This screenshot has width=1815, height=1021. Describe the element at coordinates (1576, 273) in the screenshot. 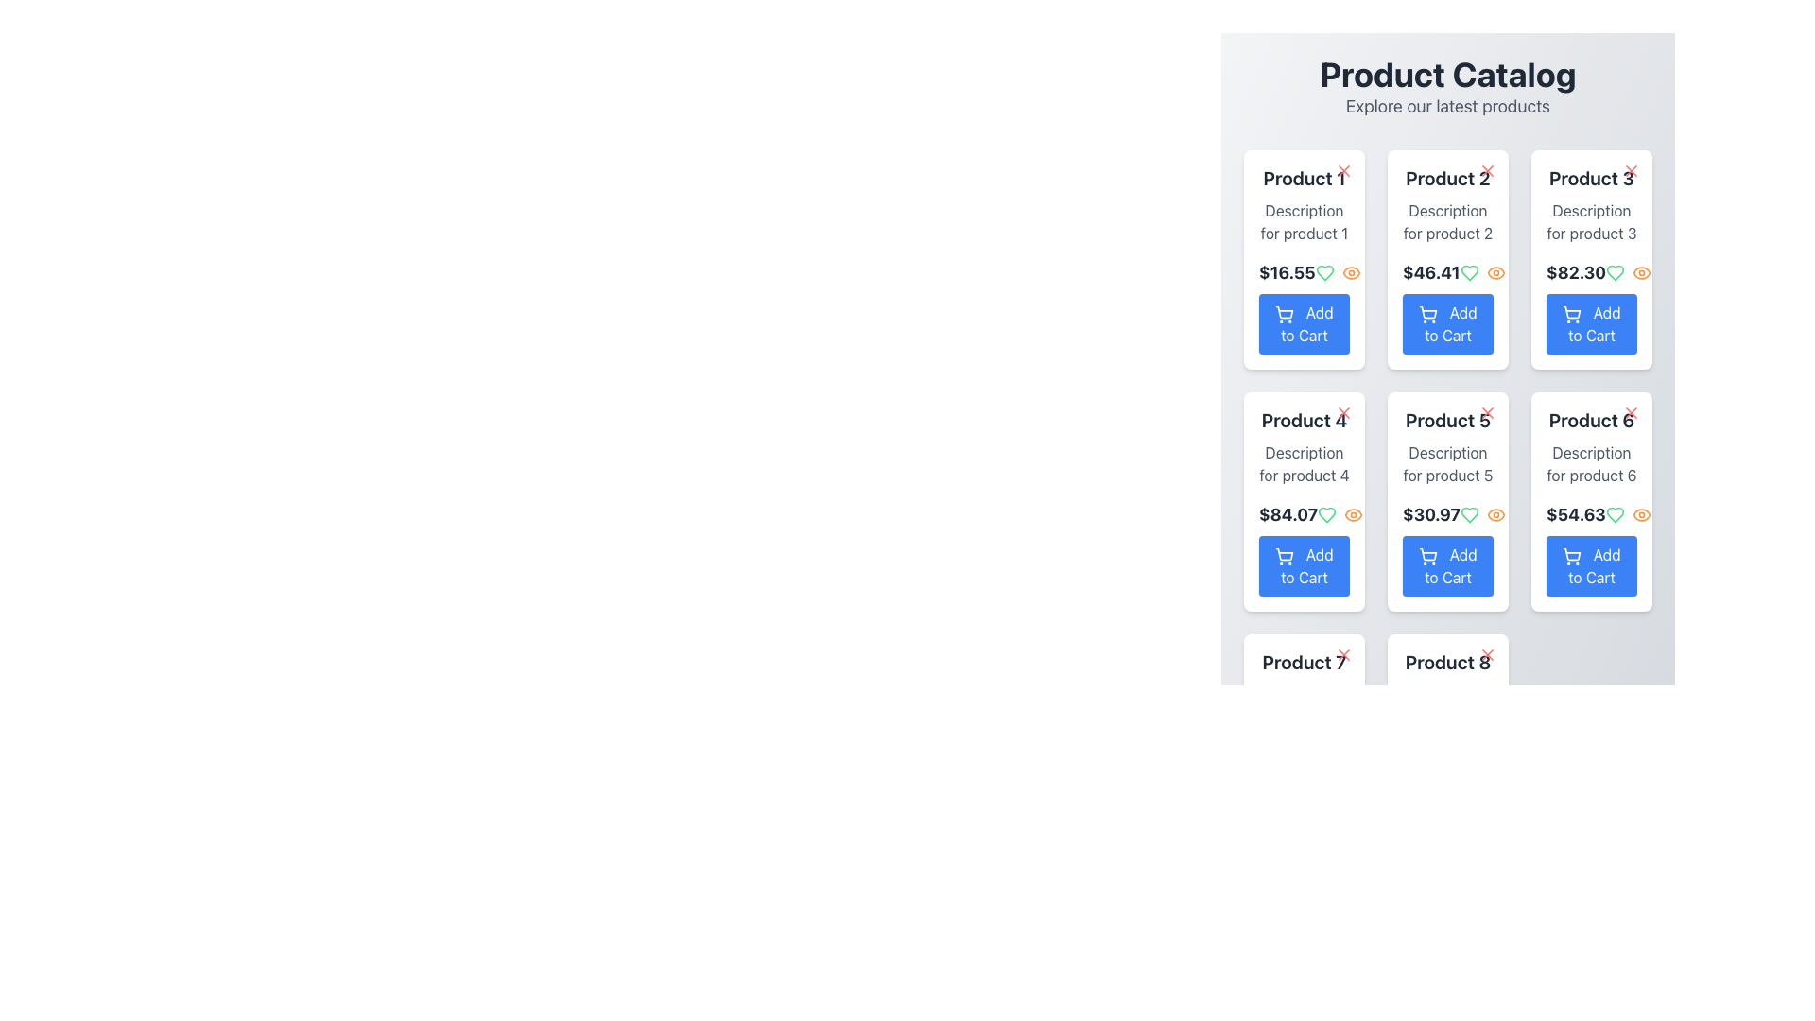

I see `the bold, large-sized text label displaying the monetary amount '$82.30' in dark gray color, which is located within the card for 'Product 3' just below the product title and description, and above the 'Add to Cart' button` at that location.